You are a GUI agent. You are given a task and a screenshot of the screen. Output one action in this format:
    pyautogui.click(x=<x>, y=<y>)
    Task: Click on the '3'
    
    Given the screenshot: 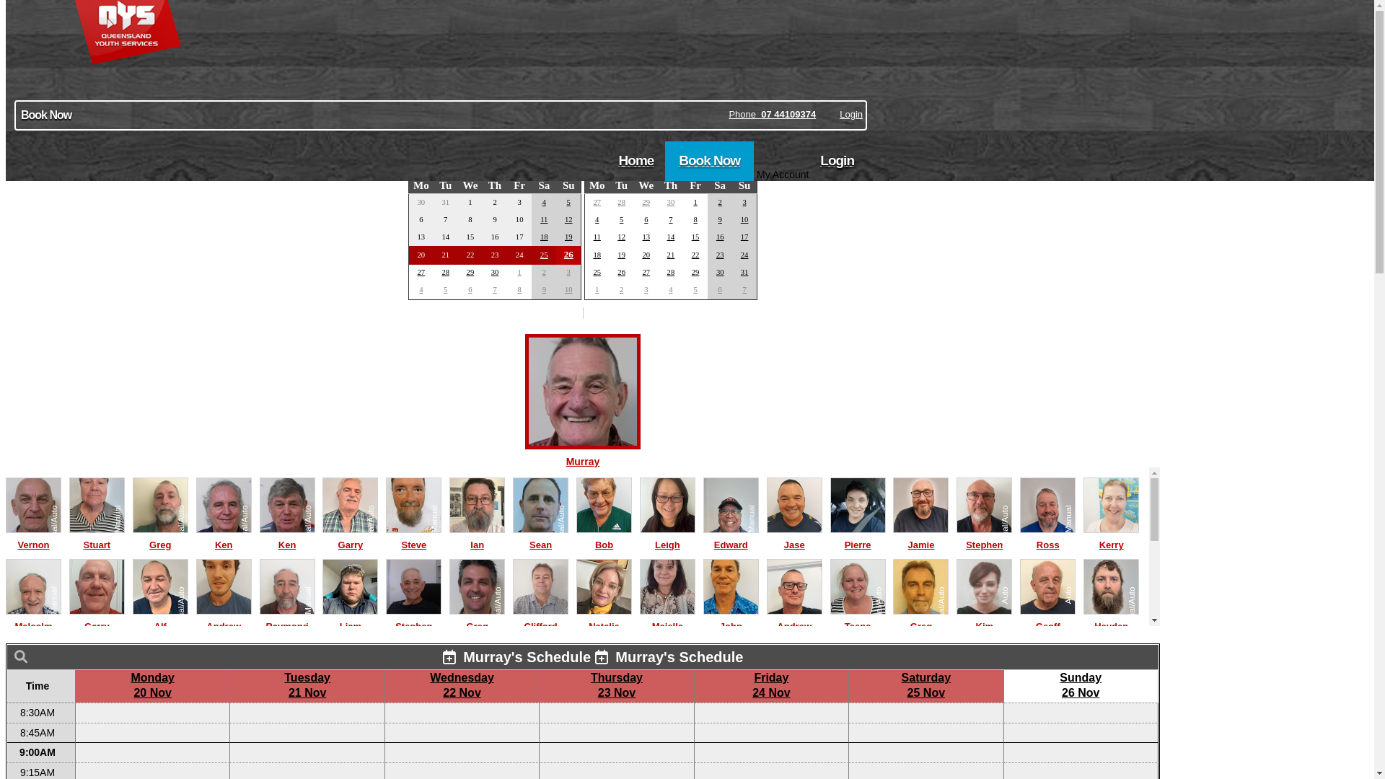 What is the action you would take?
    pyautogui.click(x=744, y=202)
    